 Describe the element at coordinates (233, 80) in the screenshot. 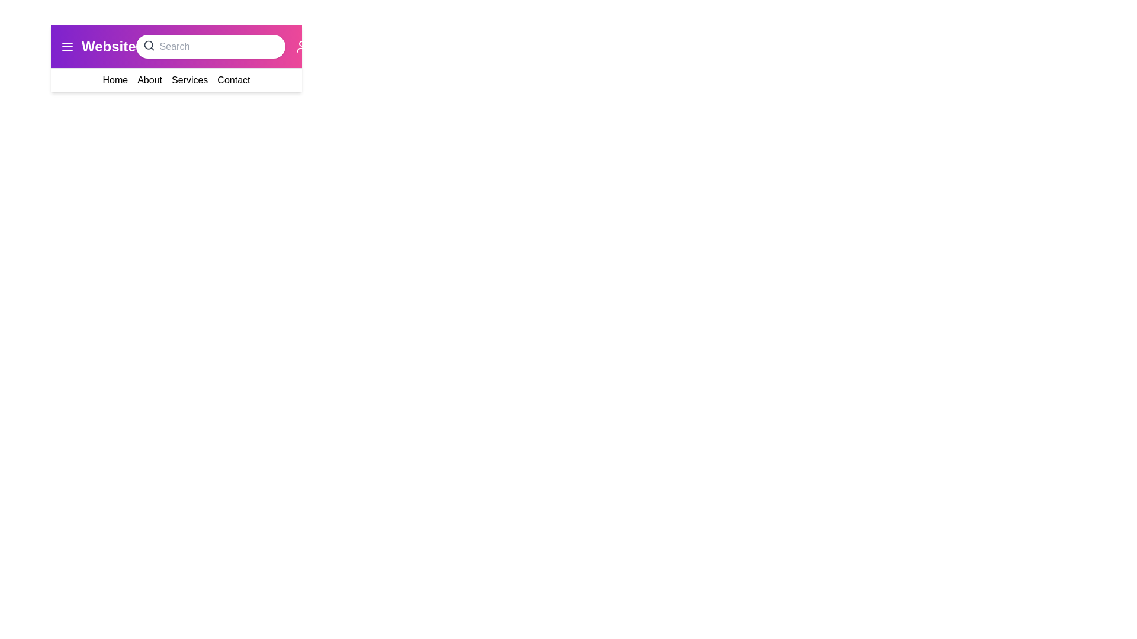

I see `the menu item Contact` at that location.